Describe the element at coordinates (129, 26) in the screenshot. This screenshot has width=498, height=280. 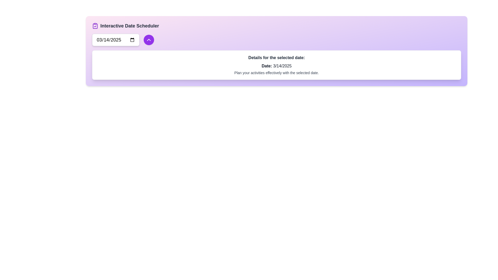
I see `the non-interactive text label that identifies the section as 'Interactive Date Scheduler', located immediately to the right of a purple clipboard icon with a checkmark` at that location.